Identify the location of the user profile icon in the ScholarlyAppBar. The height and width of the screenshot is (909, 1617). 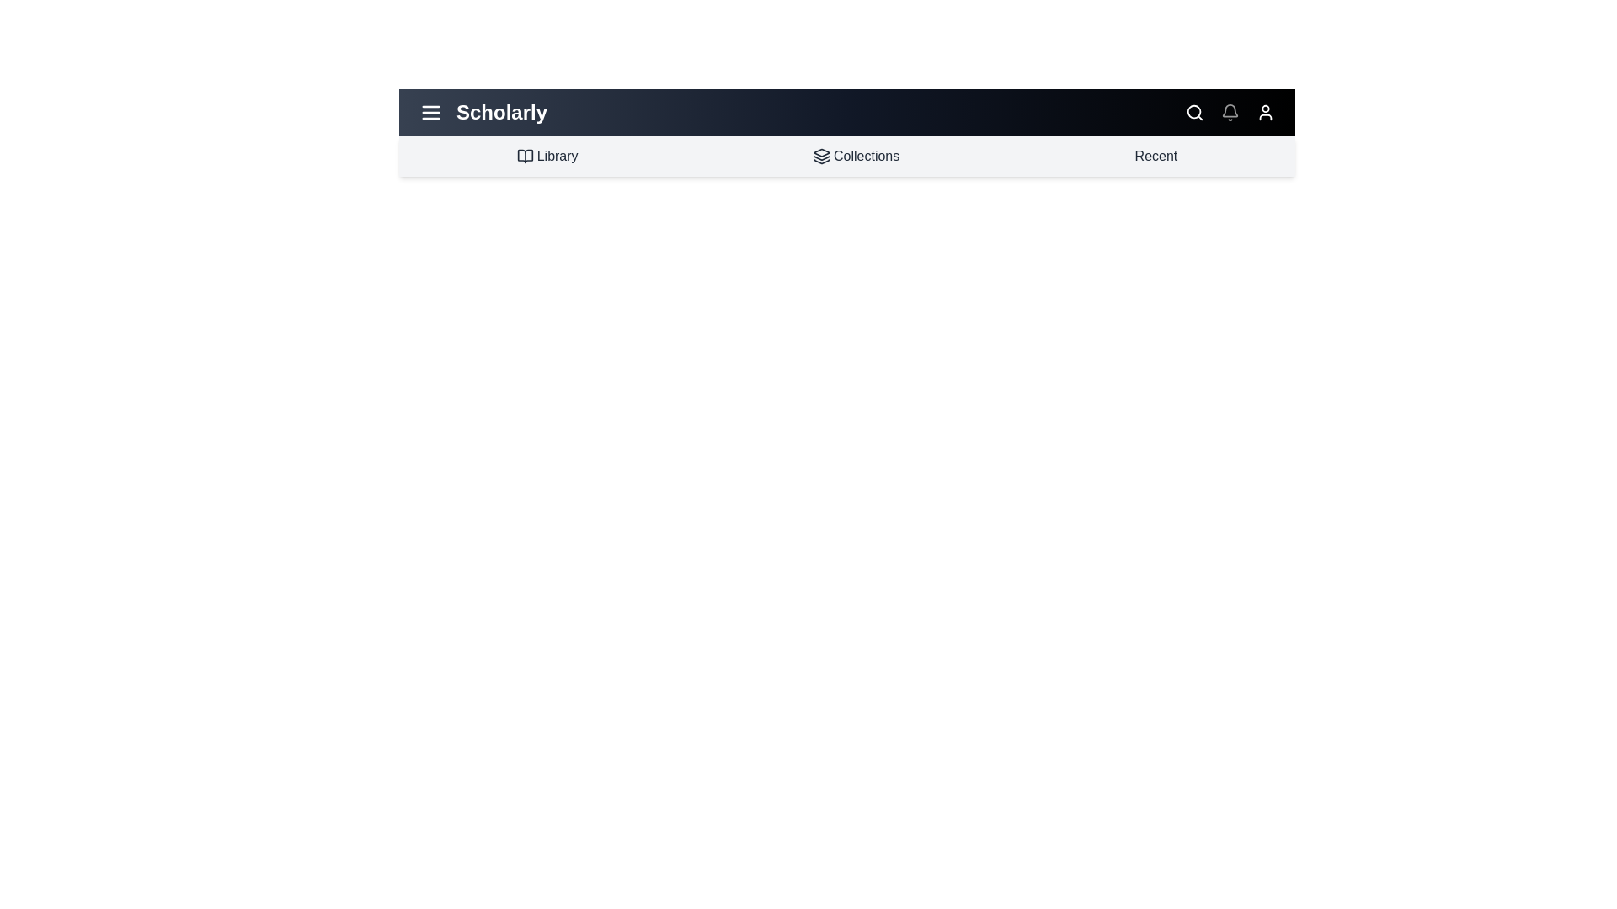
(1265, 113).